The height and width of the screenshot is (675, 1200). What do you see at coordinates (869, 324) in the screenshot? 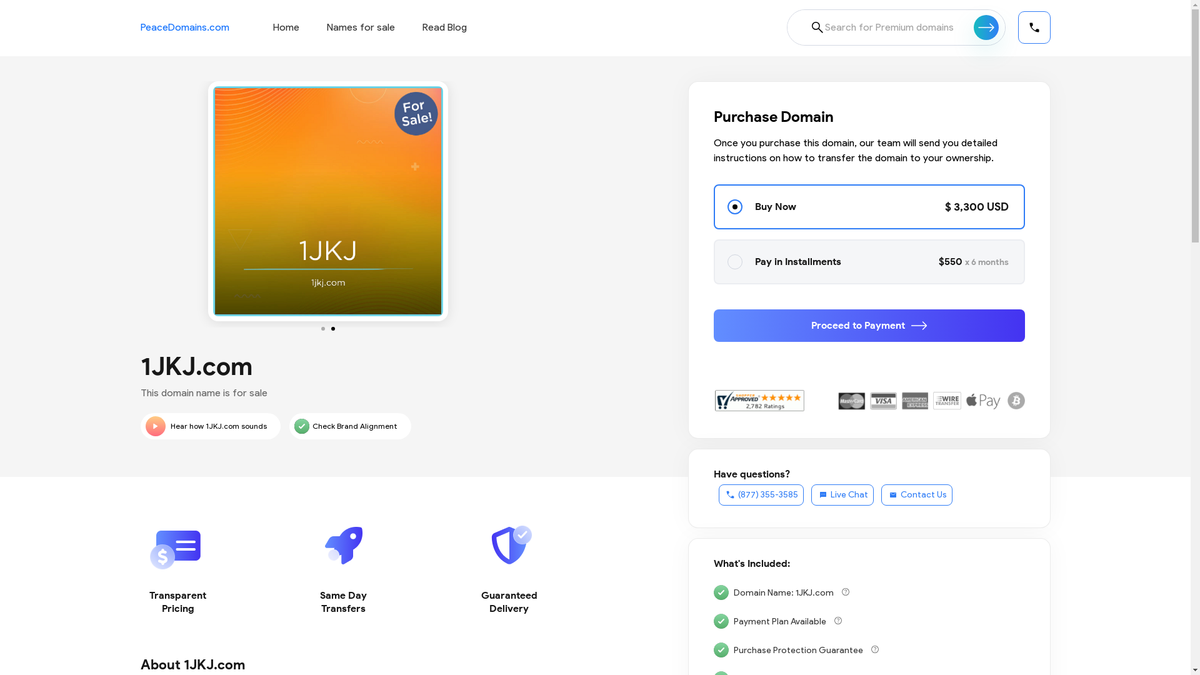
I see `'Proceed to Payment'` at bounding box center [869, 324].